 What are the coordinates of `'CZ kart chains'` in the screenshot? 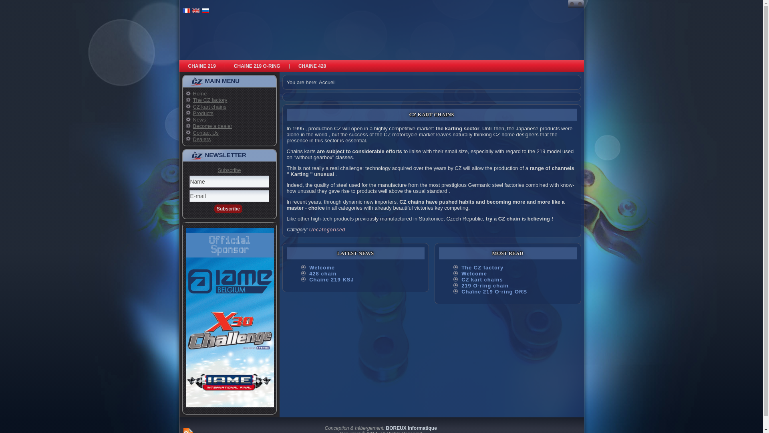 It's located at (482, 279).